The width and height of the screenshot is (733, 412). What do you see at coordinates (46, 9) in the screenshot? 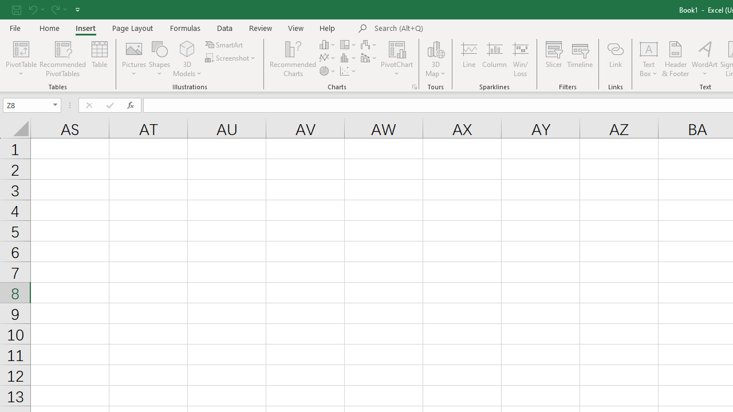
I see `'Quick Access Toolbar'` at bounding box center [46, 9].